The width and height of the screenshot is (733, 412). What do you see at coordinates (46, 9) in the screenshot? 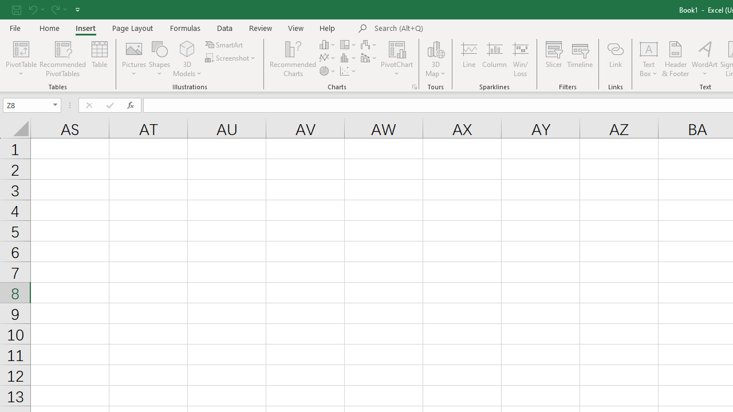
I see `'Quick Access Toolbar'` at bounding box center [46, 9].